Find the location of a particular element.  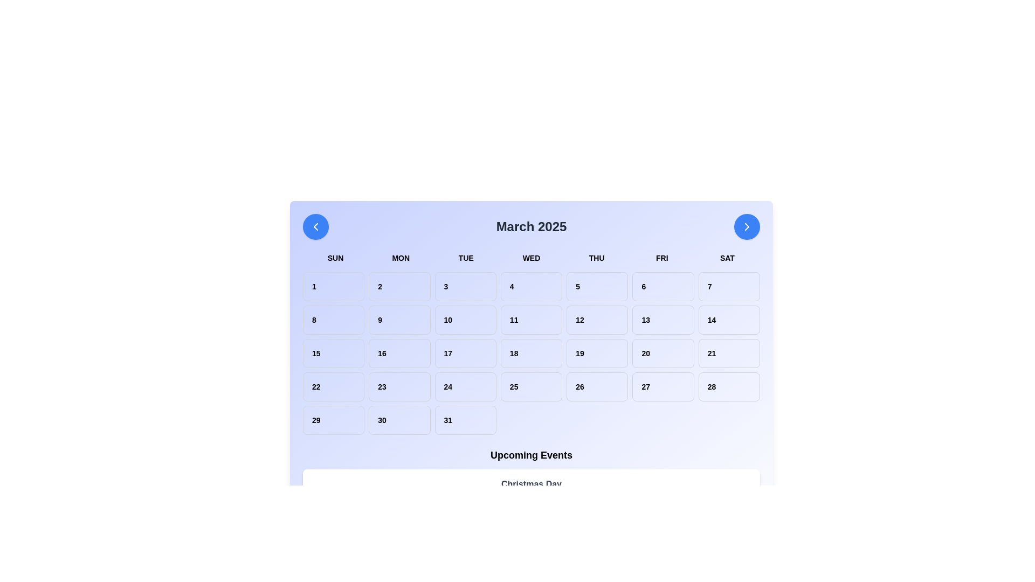

bold numeral '24' displayed in black font within the calendar grid under 'TUE' for Tuesday is located at coordinates (465, 386).